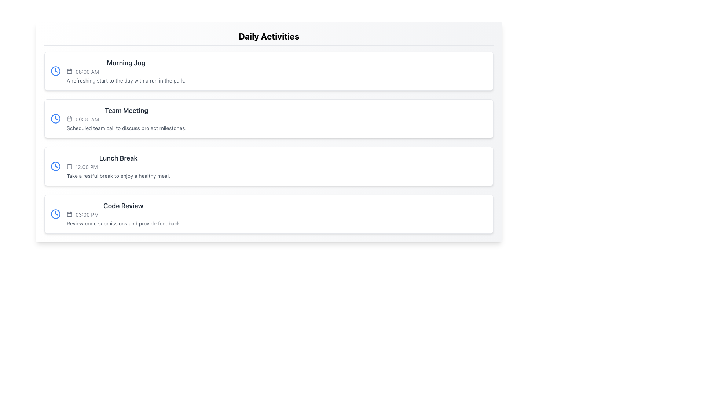 The width and height of the screenshot is (704, 396). What do you see at coordinates (118, 176) in the screenshot?
I see `descriptive text label about the 'Lunch Break' activity located below the '12:00 PM' time label in the third item of the 'Daily Activities' list` at bounding box center [118, 176].